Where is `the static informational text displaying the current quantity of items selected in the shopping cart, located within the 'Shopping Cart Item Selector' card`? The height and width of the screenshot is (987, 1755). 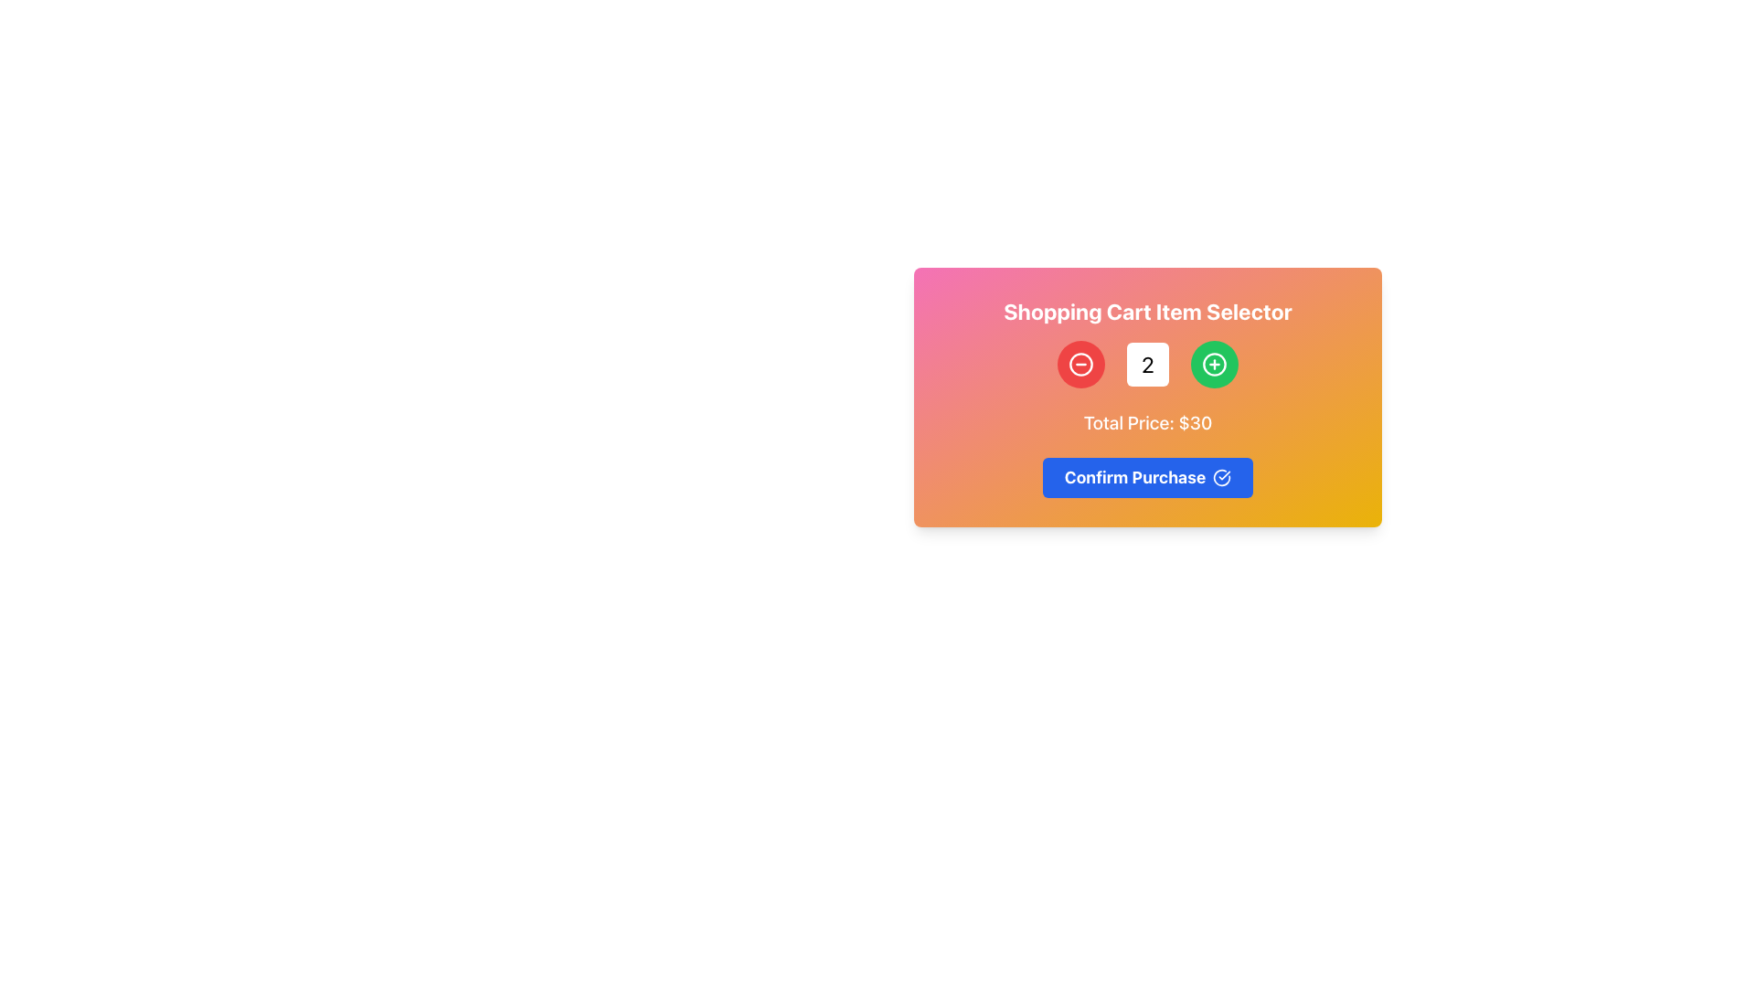
the static informational text displaying the current quantity of items selected in the shopping cart, located within the 'Shopping Cart Item Selector' card is located at coordinates (1147, 364).